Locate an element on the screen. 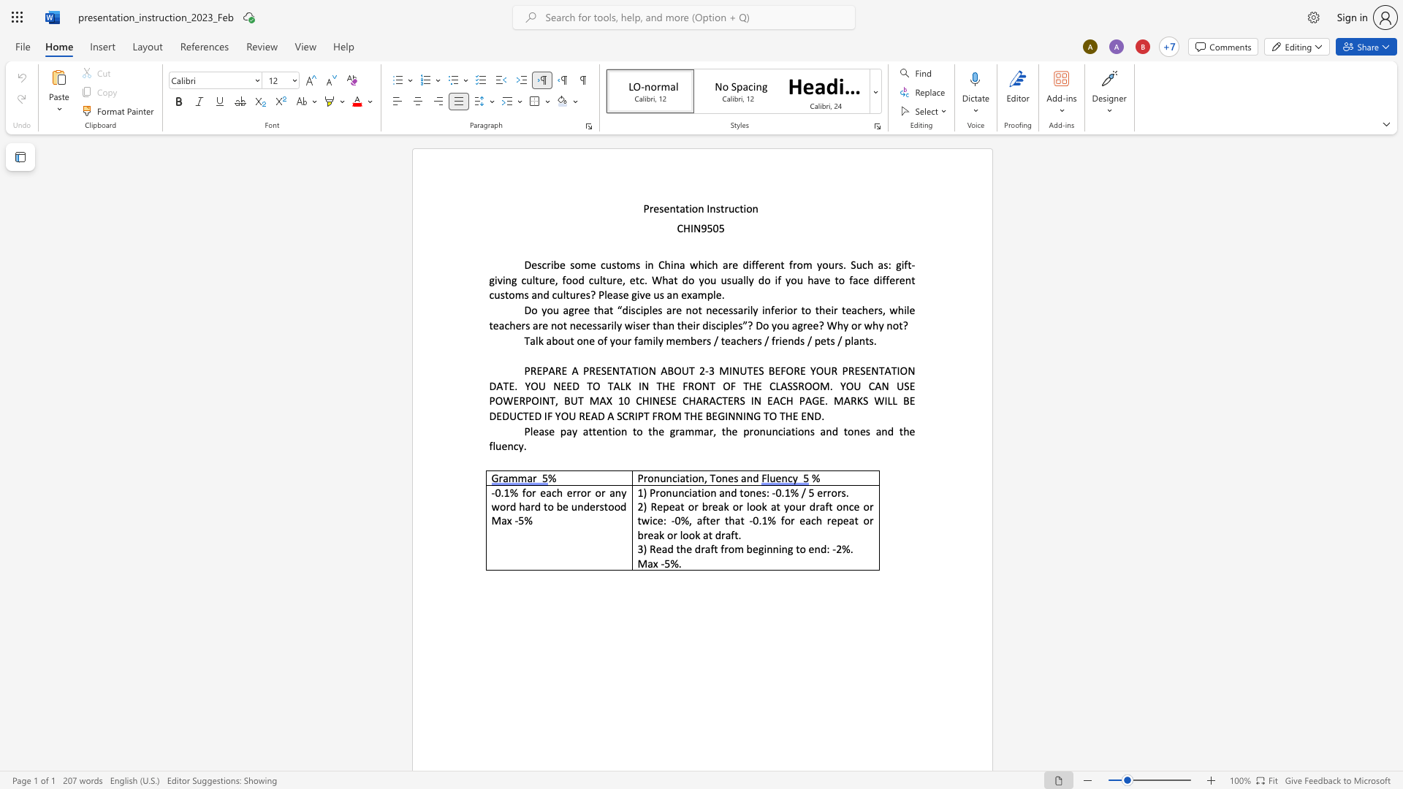 This screenshot has height=789, width=1403. the space between the continuous character "s" and "." in the text is located at coordinates (845, 492).